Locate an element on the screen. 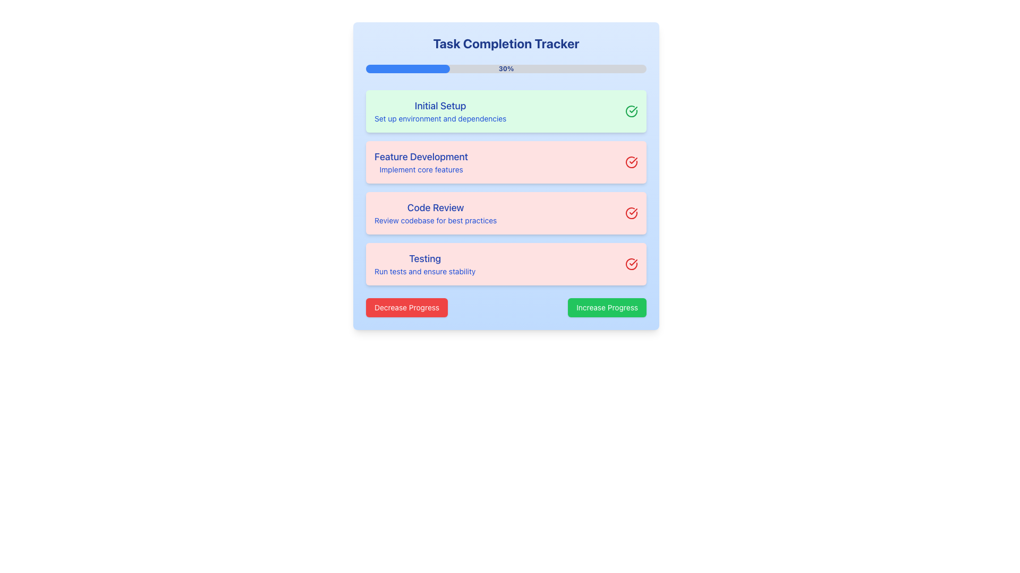 This screenshot has width=1020, height=573. percentage value of the progress bar located within the 'Task Completion Tracker' card, which visually indicates 30% completion of the task is located at coordinates (506, 69).